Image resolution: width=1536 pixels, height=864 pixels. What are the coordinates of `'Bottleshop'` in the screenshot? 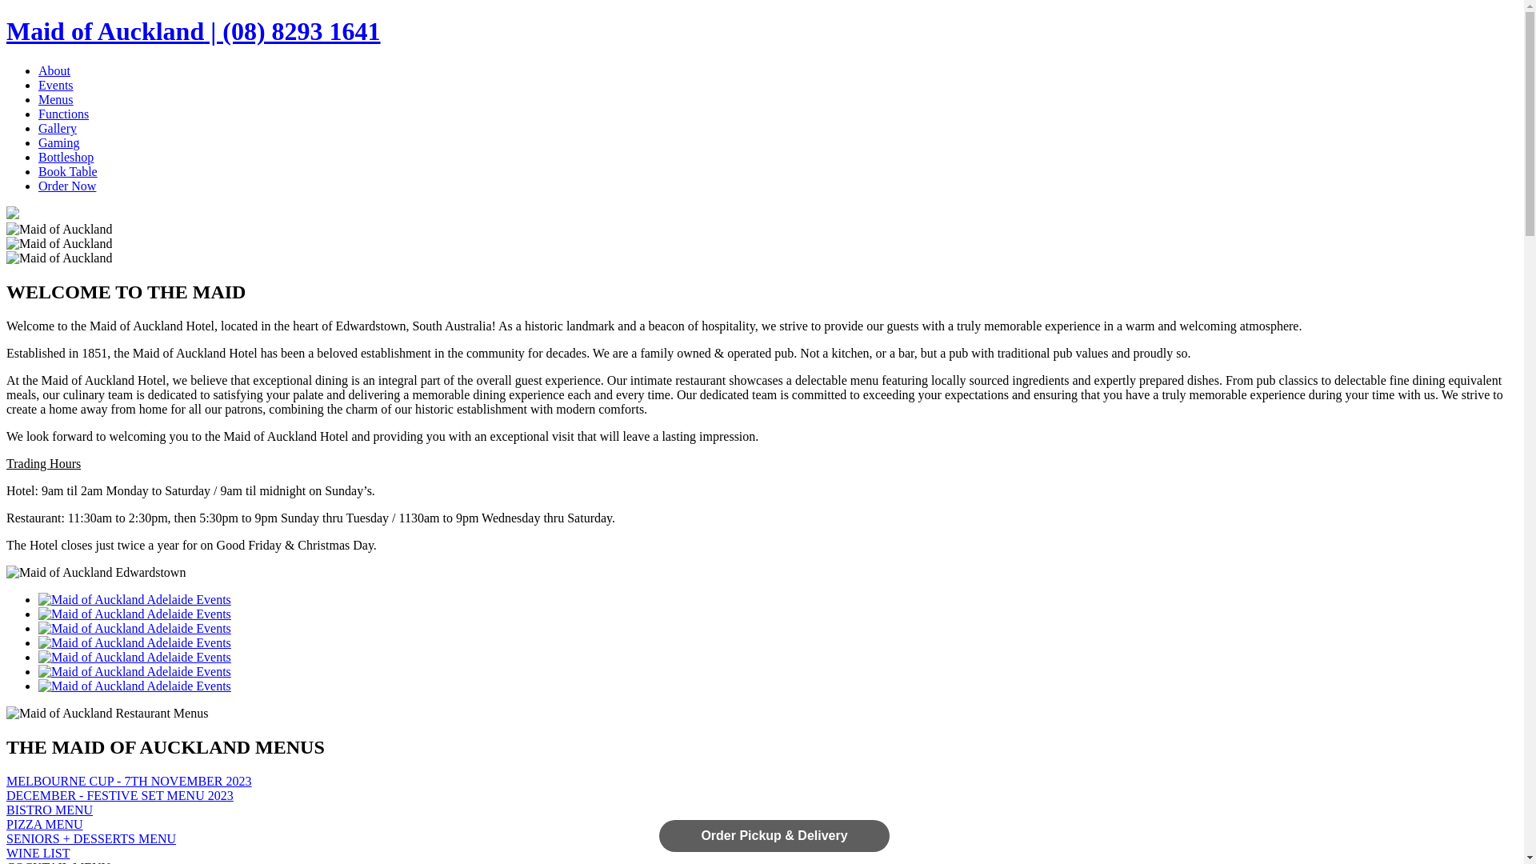 It's located at (65, 157).